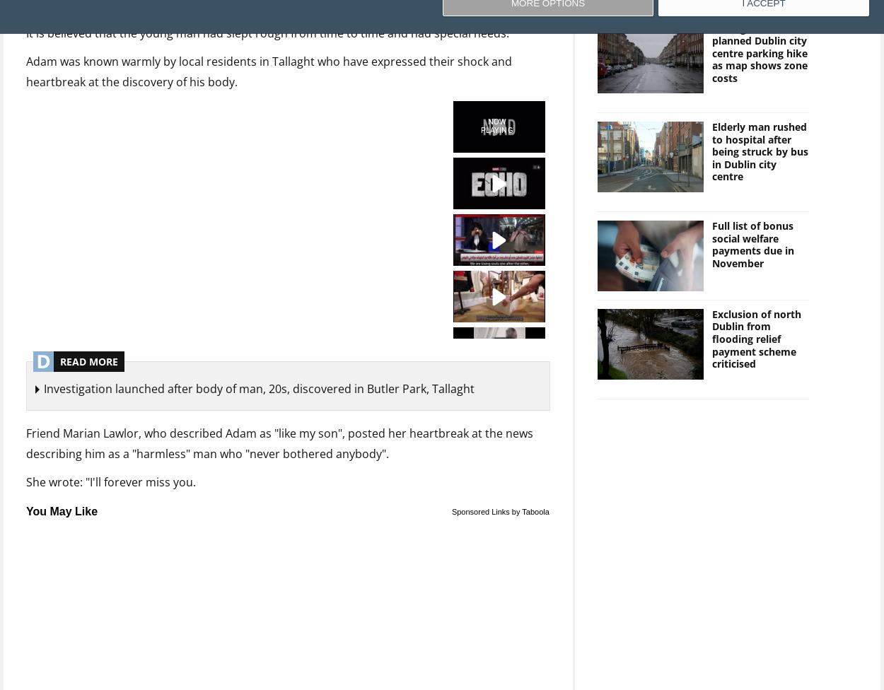 This screenshot has height=690, width=884. Describe the element at coordinates (759, 151) in the screenshot. I see `'Elderly man rushed to hospital after being struck by bus in Dublin city centre'` at that location.